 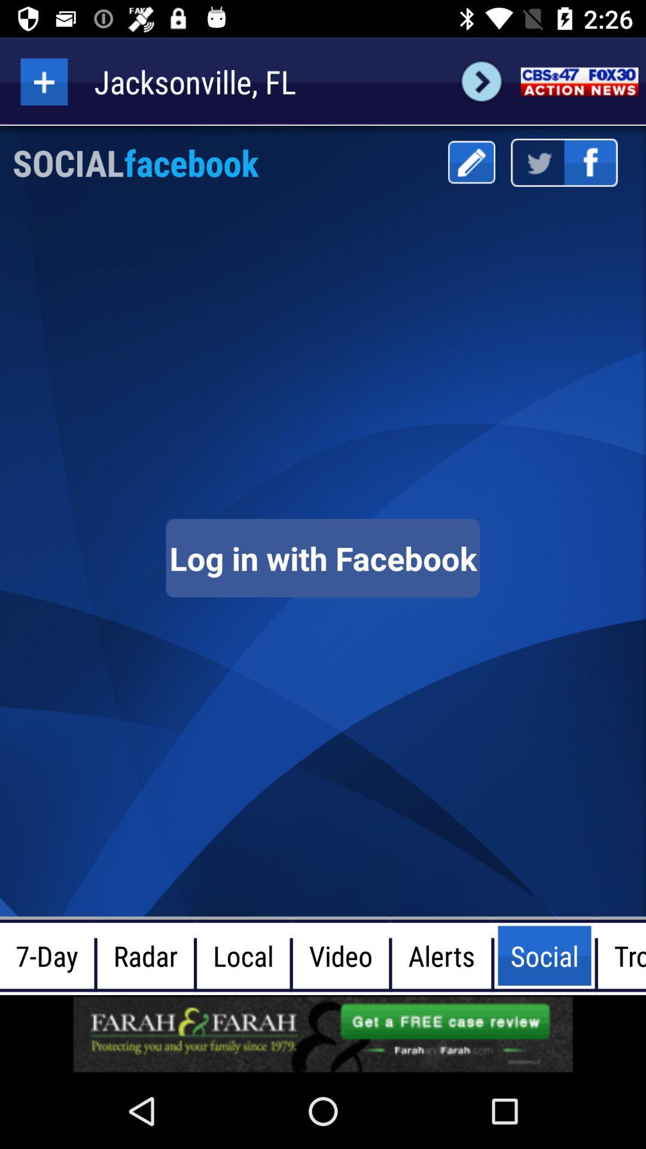 What do you see at coordinates (323, 557) in the screenshot?
I see `login with facebook` at bounding box center [323, 557].